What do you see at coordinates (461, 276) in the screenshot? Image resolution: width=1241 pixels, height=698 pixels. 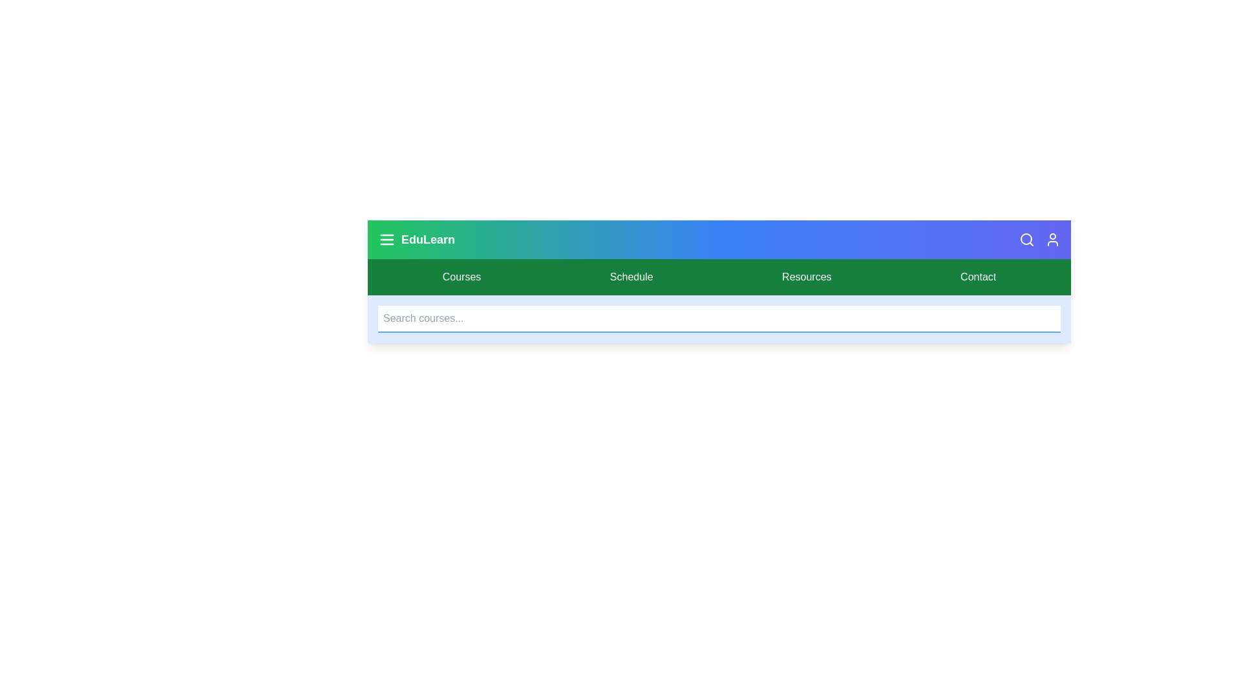 I see `the Courses navigation link` at bounding box center [461, 276].